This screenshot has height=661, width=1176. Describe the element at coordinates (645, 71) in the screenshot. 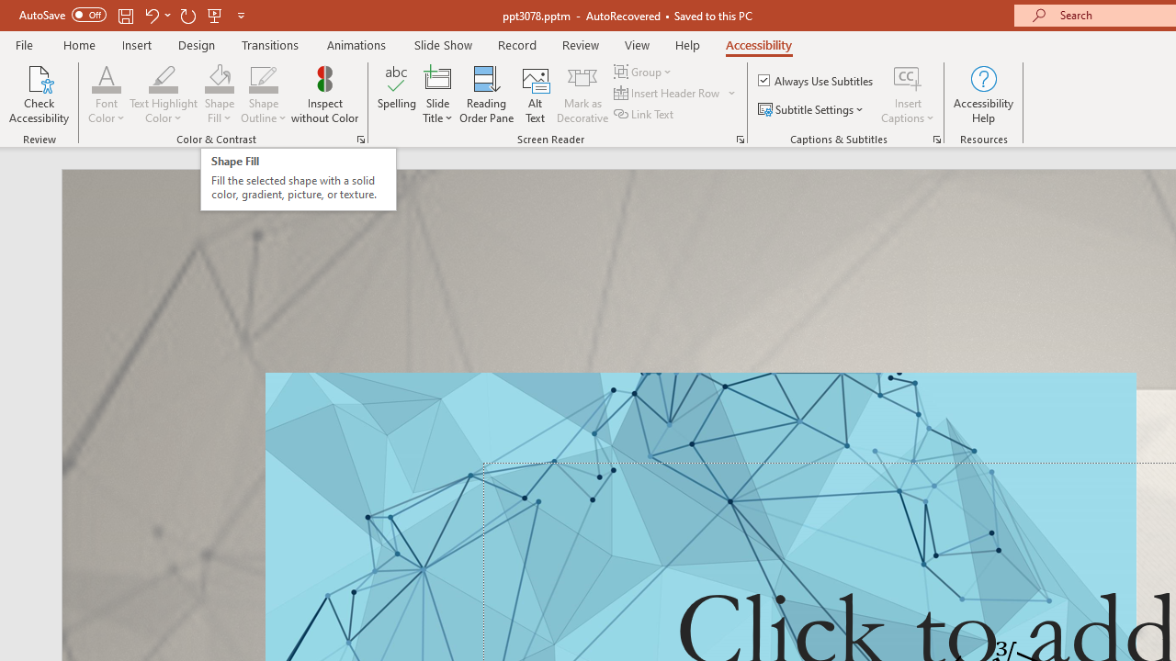

I see `'Group'` at that location.